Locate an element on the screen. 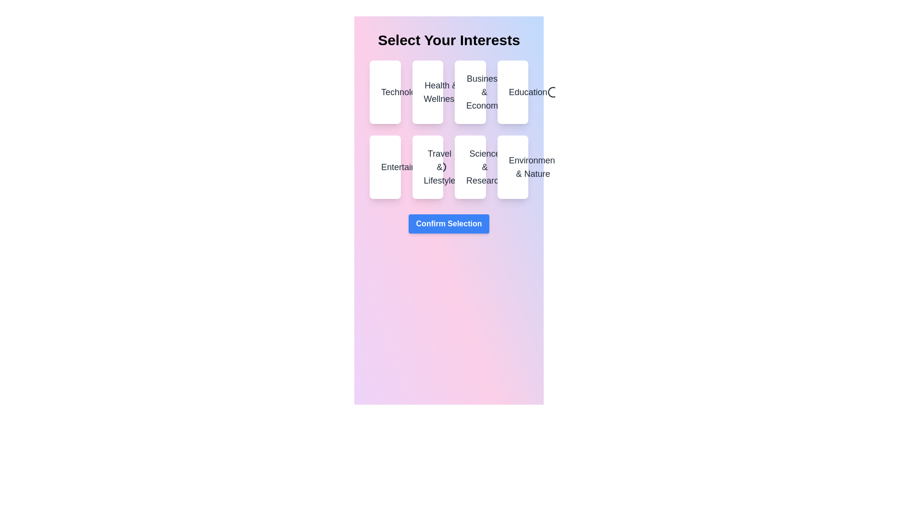 The image size is (923, 519). the category Health & Wellness by clicking on it is located at coordinates (426, 92).